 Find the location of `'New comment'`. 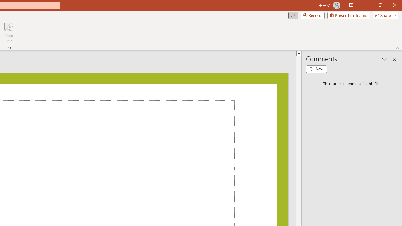

'New comment' is located at coordinates (316, 69).